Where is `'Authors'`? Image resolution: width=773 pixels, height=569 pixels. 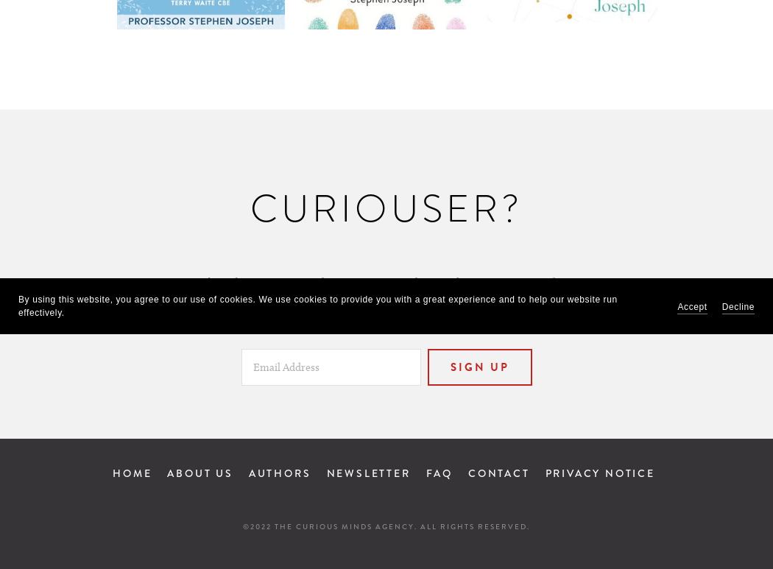
'Authors' is located at coordinates (279, 473).